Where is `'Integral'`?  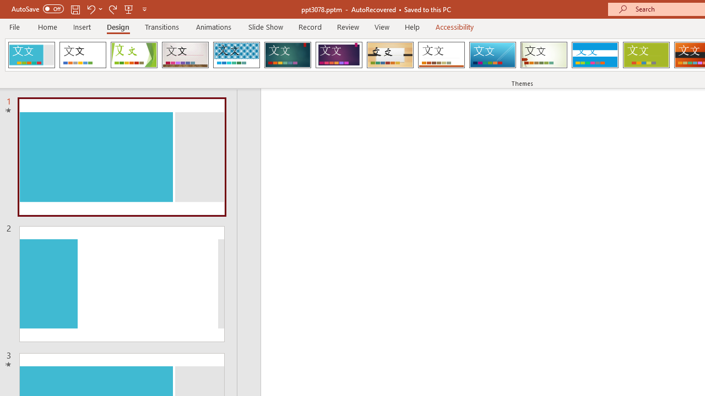
'Integral' is located at coordinates (236, 55).